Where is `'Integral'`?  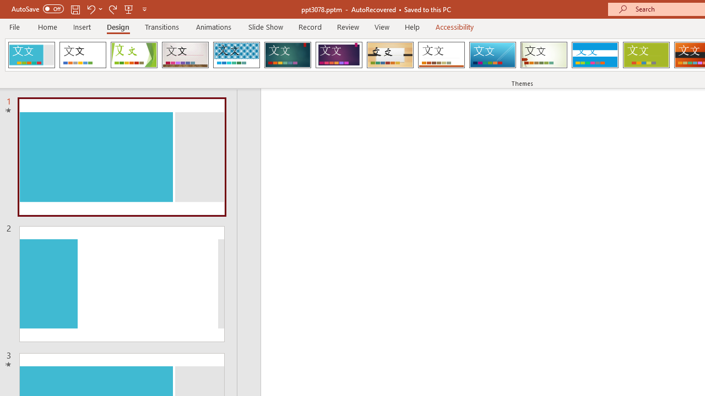
'Integral' is located at coordinates (236, 55).